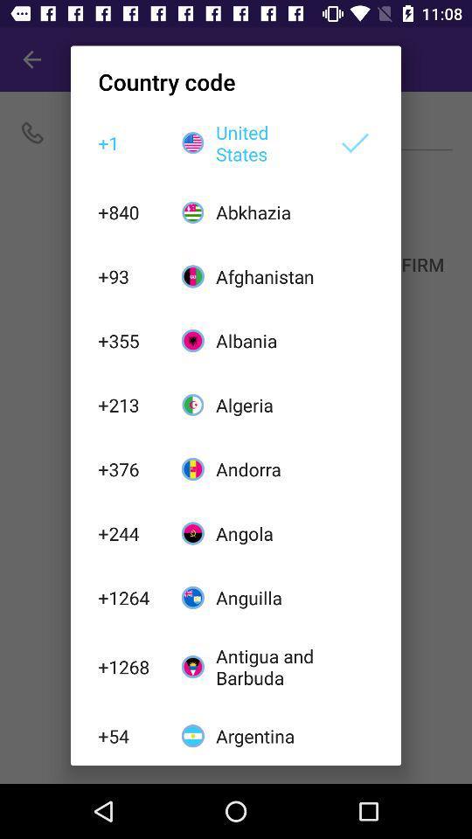  I want to click on the +1264 item, so click(129, 598).